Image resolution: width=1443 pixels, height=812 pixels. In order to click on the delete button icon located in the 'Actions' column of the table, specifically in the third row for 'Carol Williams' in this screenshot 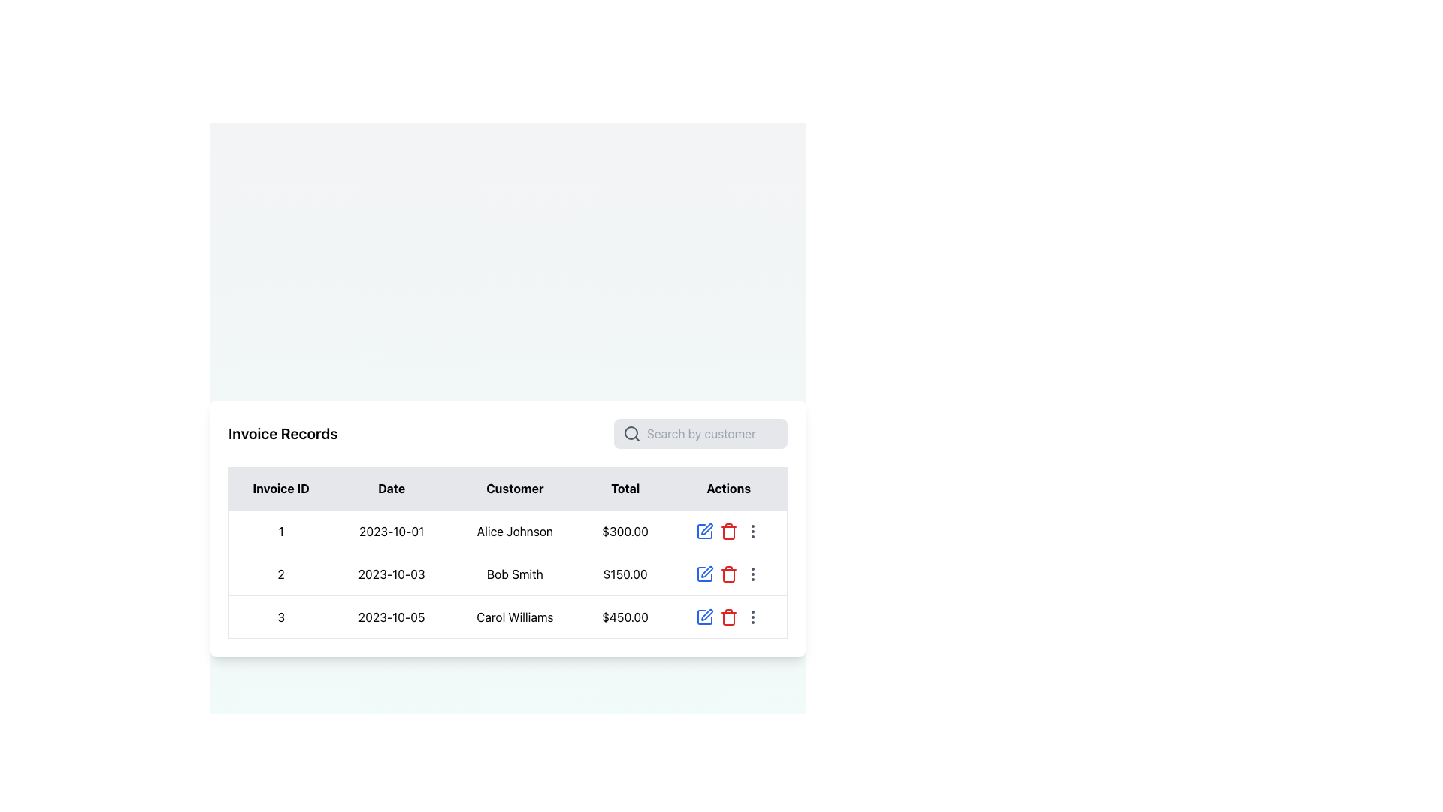, I will do `click(728, 532)`.